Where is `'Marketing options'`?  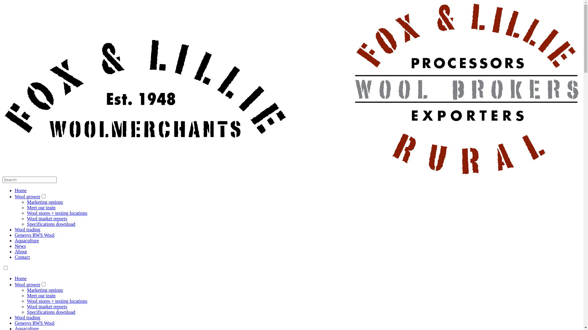 'Marketing options' is located at coordinates (45, 202).